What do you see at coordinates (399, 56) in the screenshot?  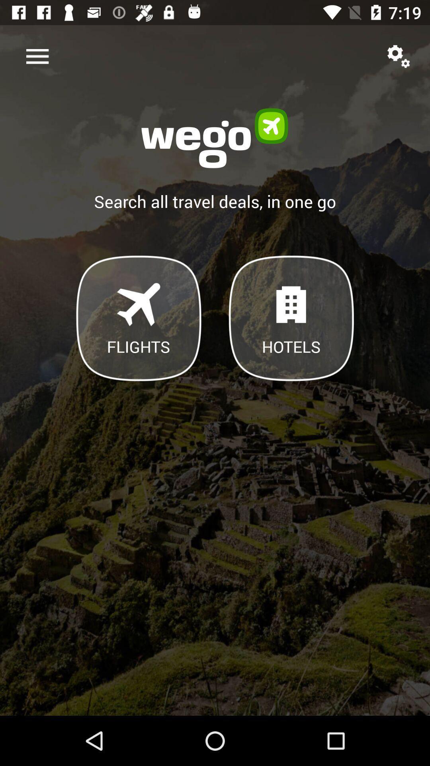 I see `the settings icon` at bounding box center [399, 56].